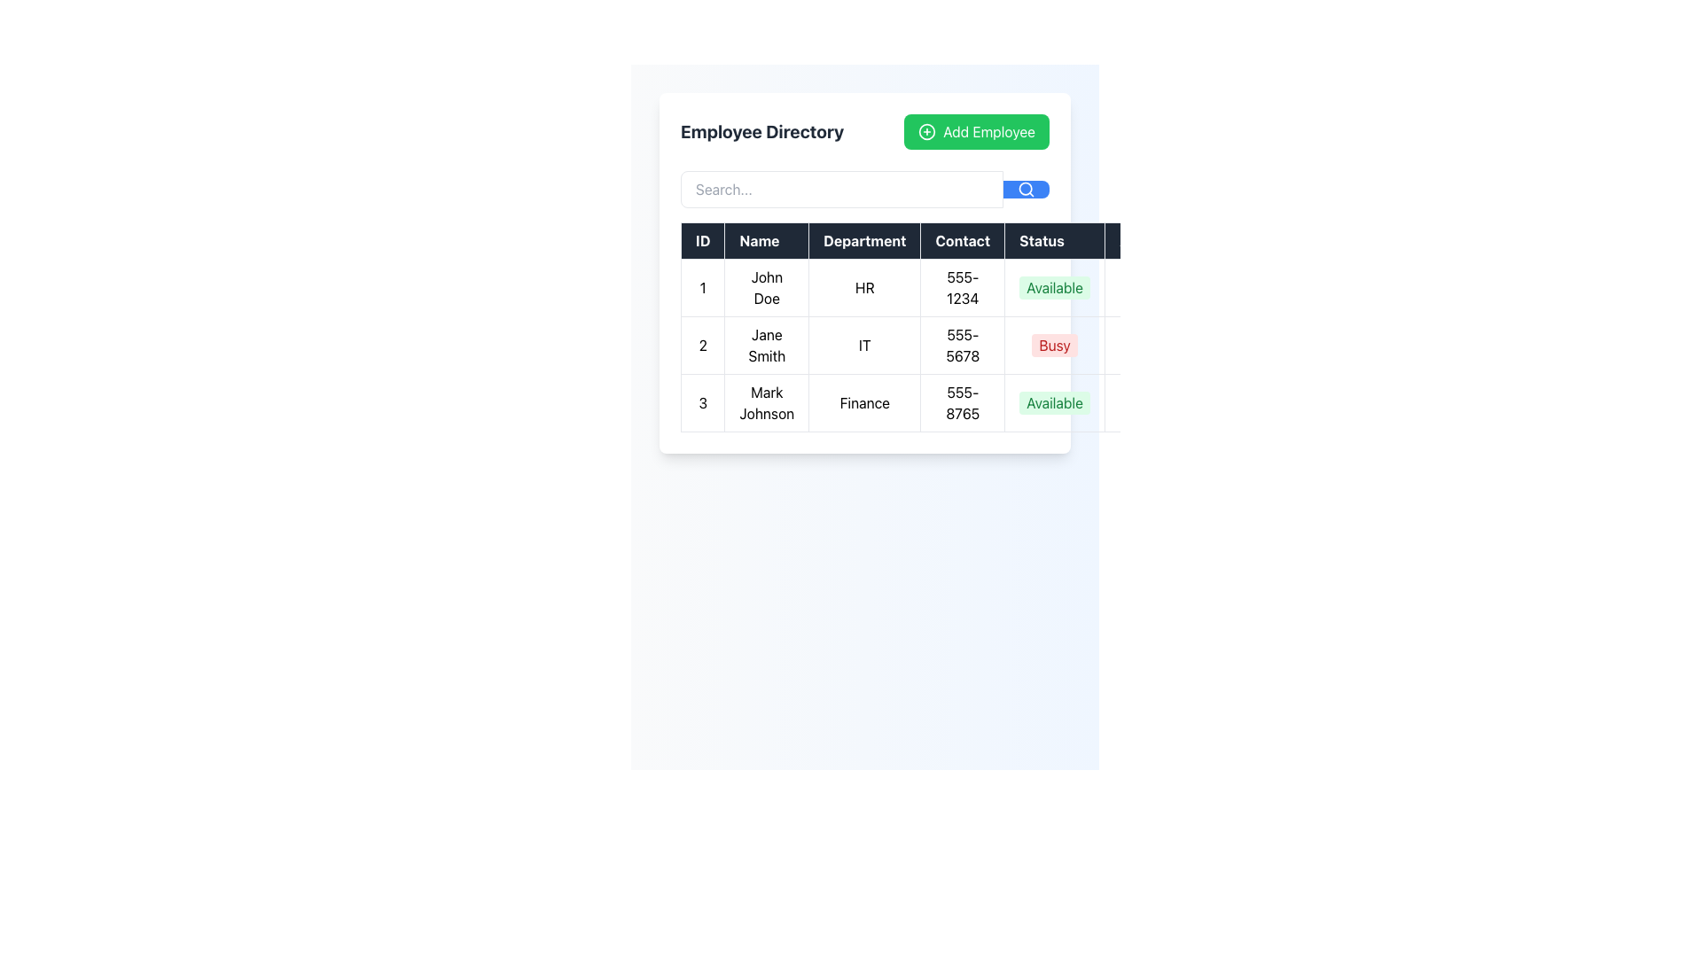 The height and width of the screenshot is (957, 1702). Describe the element at coordinates (1055, 403) in the screenshot. I see `the 'Available' label with a green background and text in the 'Status' column for 'Mark Johnson'` at that location.